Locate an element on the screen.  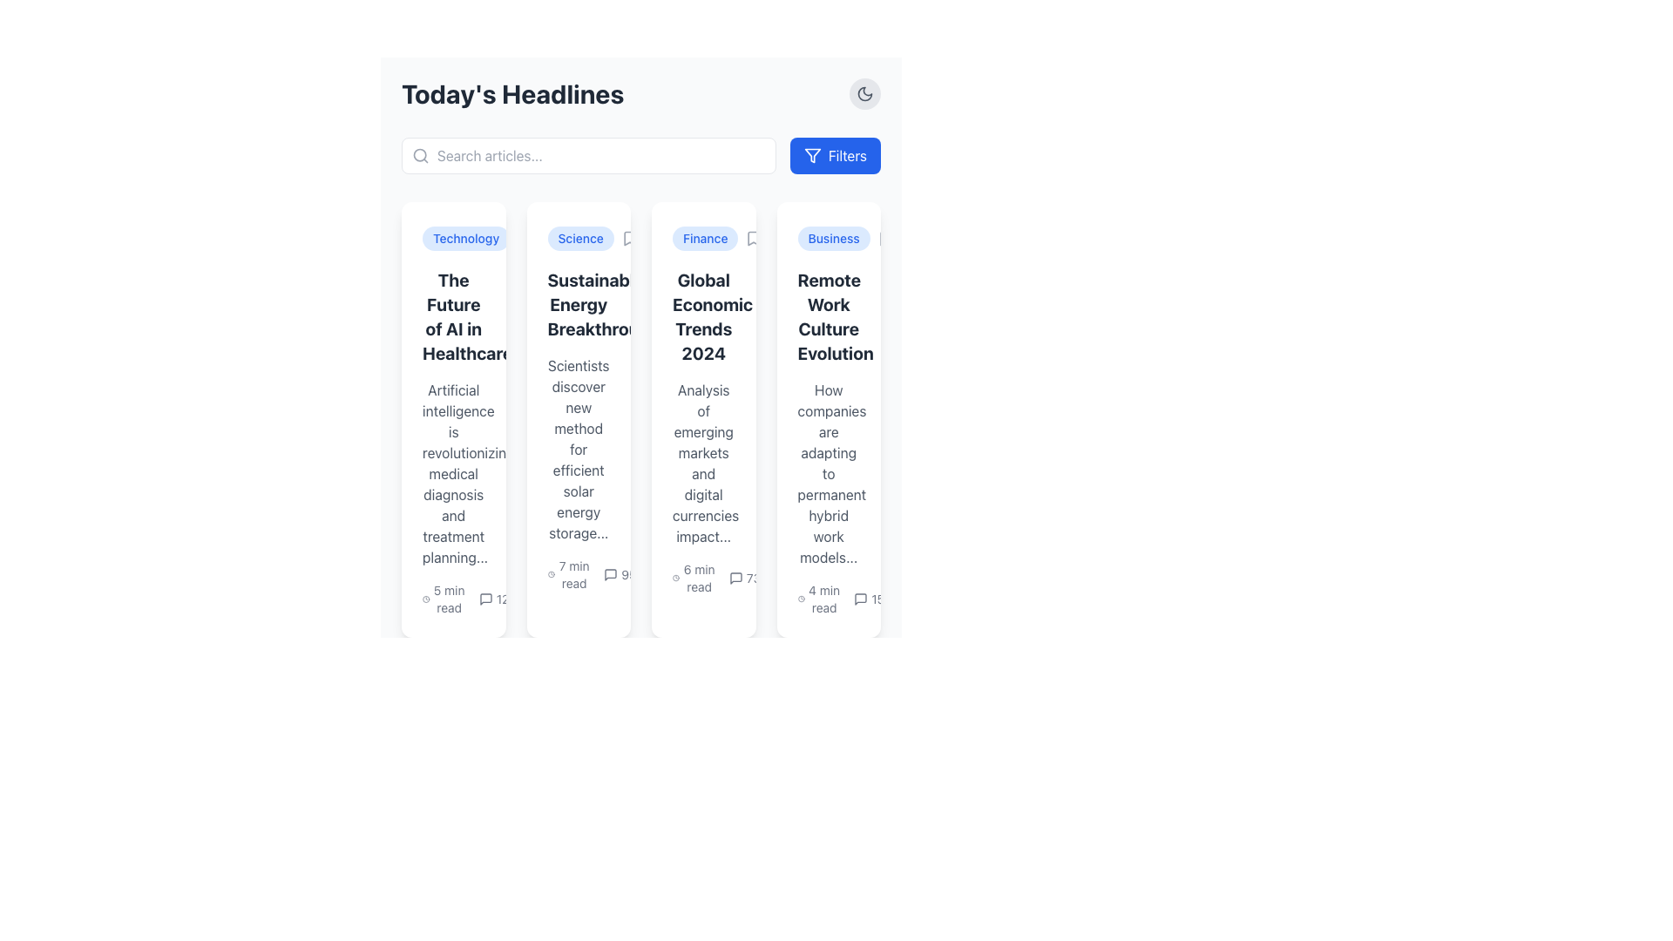
the clock icon, which is a minimalistic outline of a circular clock face located leftmost in the cluster of elements below the 'Global Economic Trends 2024' title is located at coordinates (675, 578).